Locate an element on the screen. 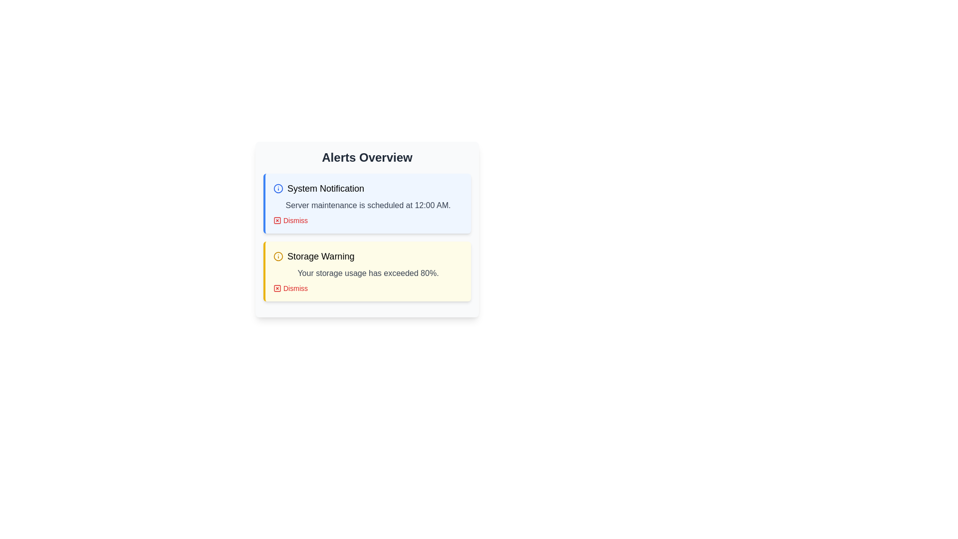  the dismiss button styled as a graphical icon located to the left of the 'Dismiss' text in the red notification panel labeled 'Storage Warning' is located at coordinates (277, 288).